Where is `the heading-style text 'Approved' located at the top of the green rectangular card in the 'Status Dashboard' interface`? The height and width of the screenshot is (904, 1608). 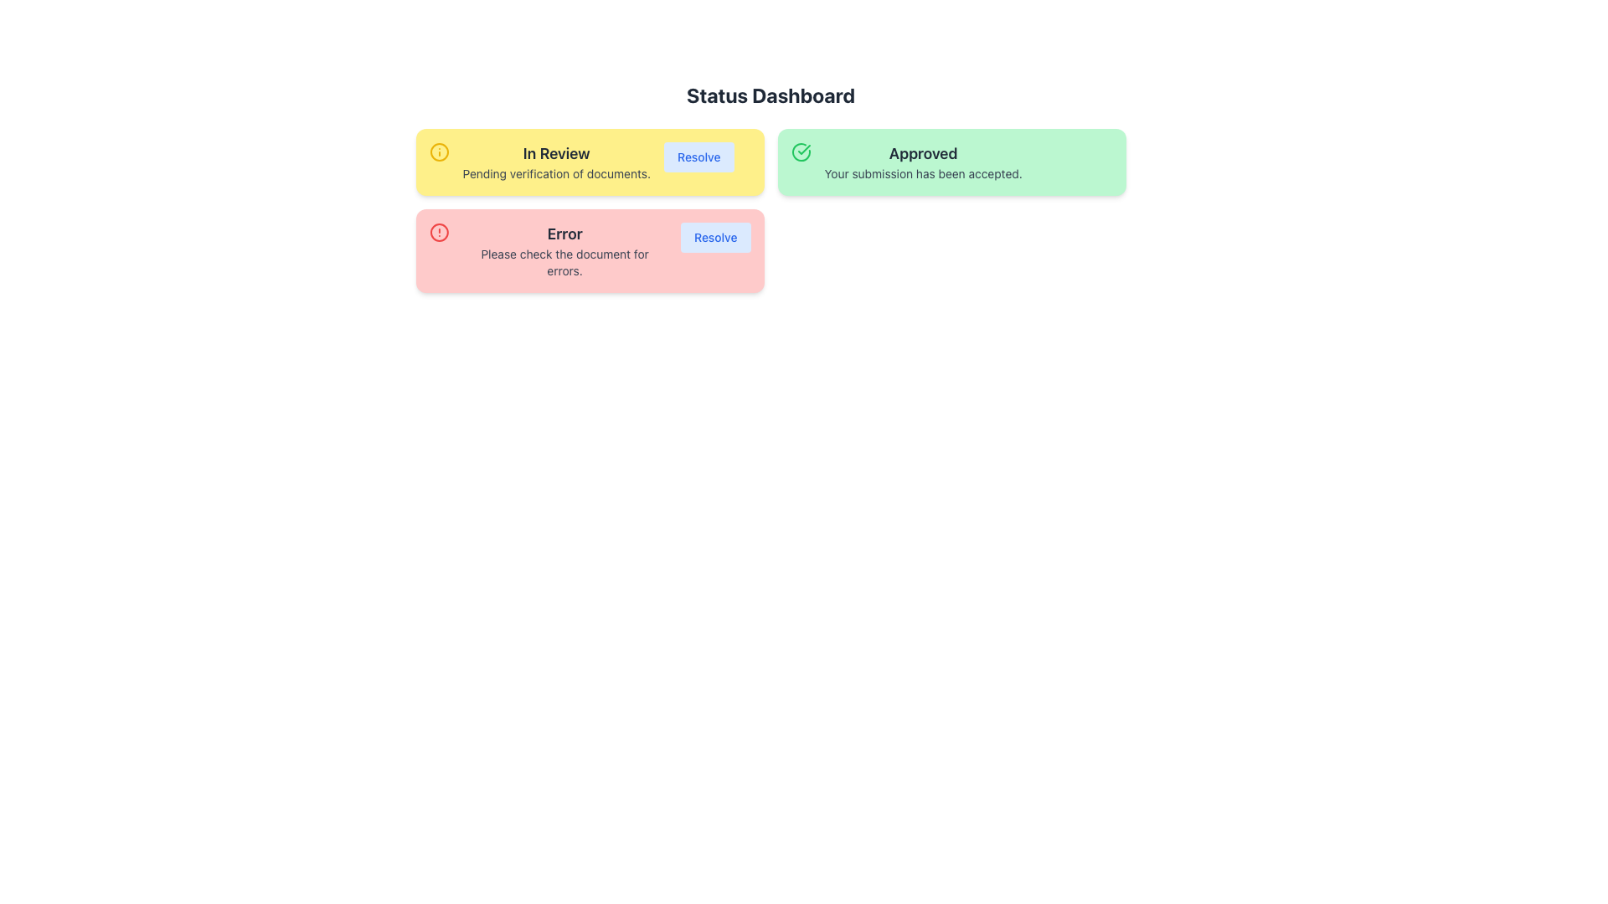
the heading-style text 'Approved' located at the top of the green rectangular card in the 'Status Dashboard' interface is located at coordinates (922, 154).